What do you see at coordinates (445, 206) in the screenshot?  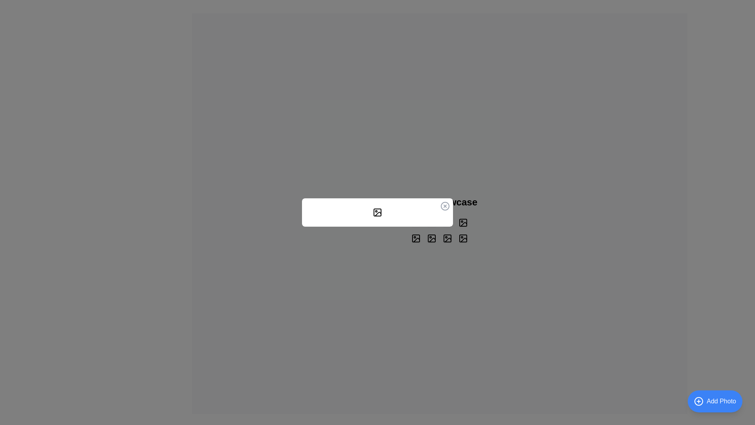 I see `the SVG circle icon, which serves as a close button, by clicking on it` at bounding box center [445, 206].